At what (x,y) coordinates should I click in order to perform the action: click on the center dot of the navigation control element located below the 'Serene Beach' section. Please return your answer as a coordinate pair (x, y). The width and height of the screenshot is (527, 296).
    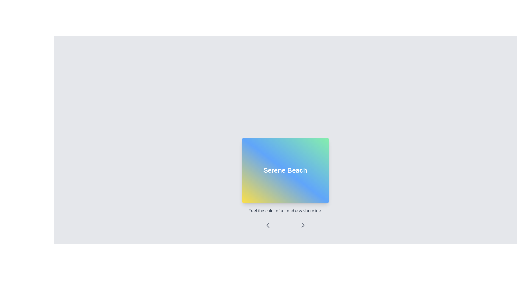
    Looking at the image, I should click on (285, 225).